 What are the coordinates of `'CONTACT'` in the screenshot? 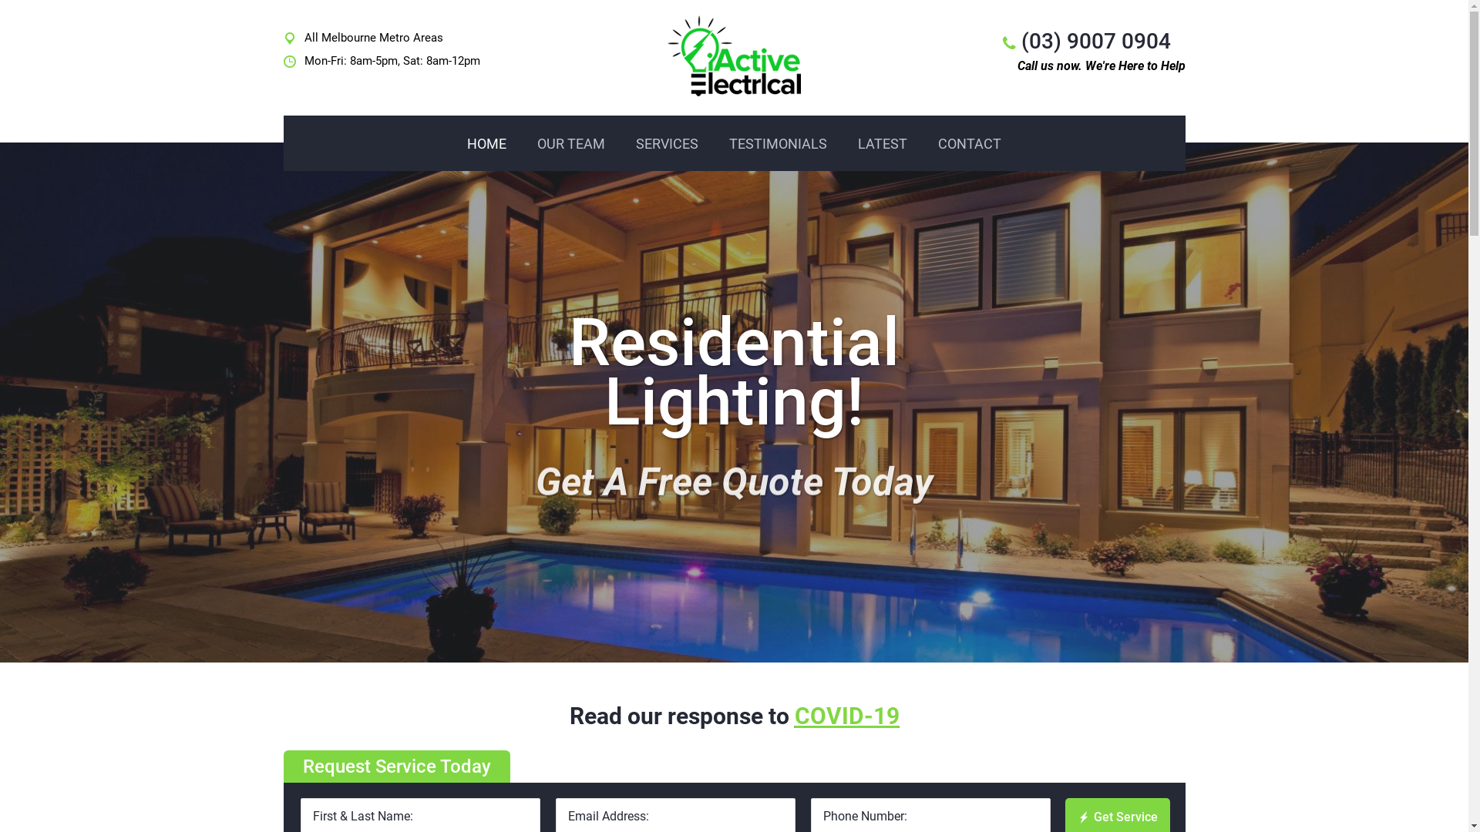 It's located at (968, 143).